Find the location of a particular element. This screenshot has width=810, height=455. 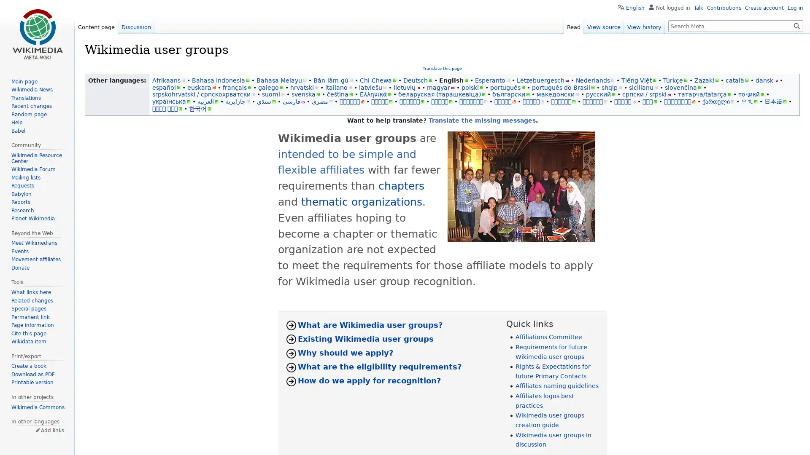

Search is located at coordinates (796, 25).